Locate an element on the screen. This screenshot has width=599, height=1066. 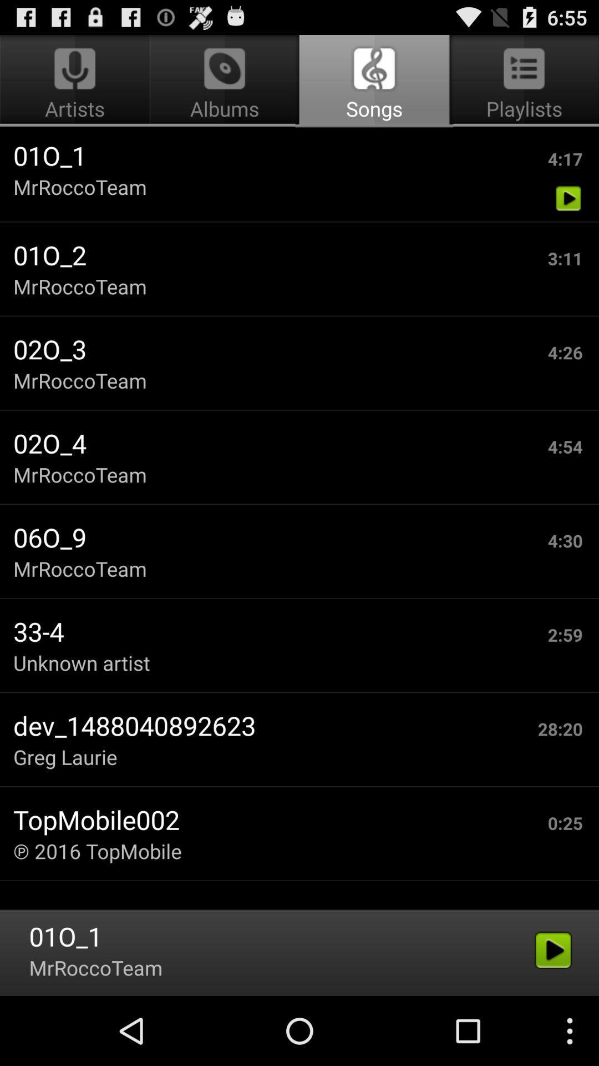
the songs app is located at coordinates (374, 81).